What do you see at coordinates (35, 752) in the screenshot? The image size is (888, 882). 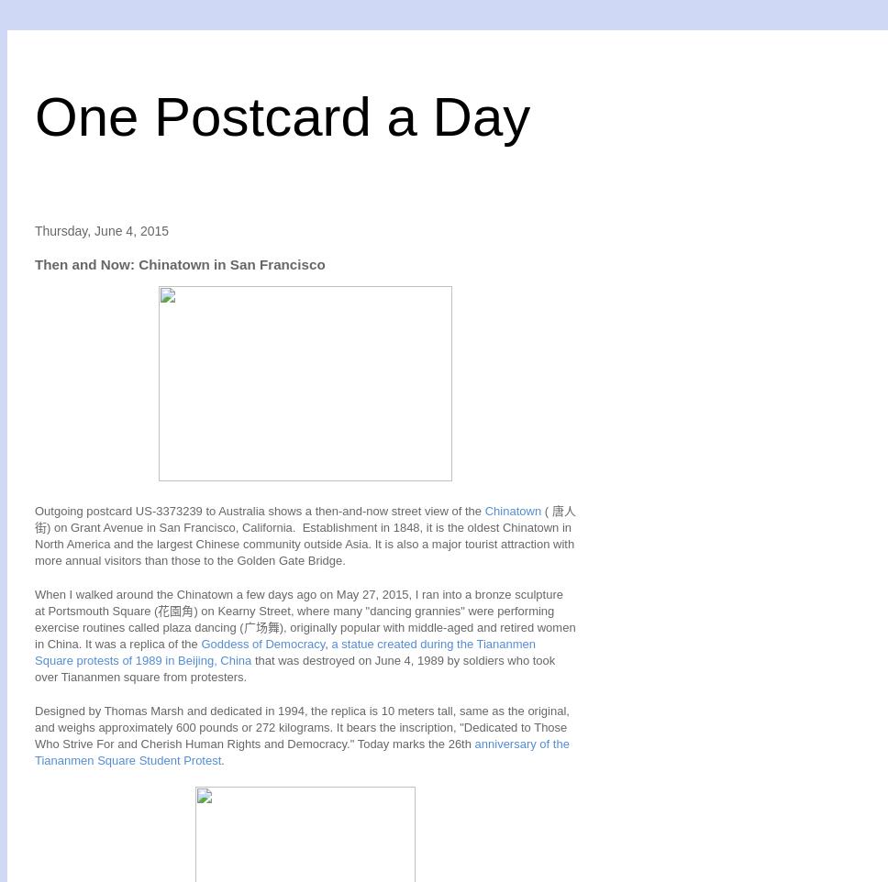 I see `'anniversary of the Tiananmen Square Student Protest'` at bounding box center [35, 752].